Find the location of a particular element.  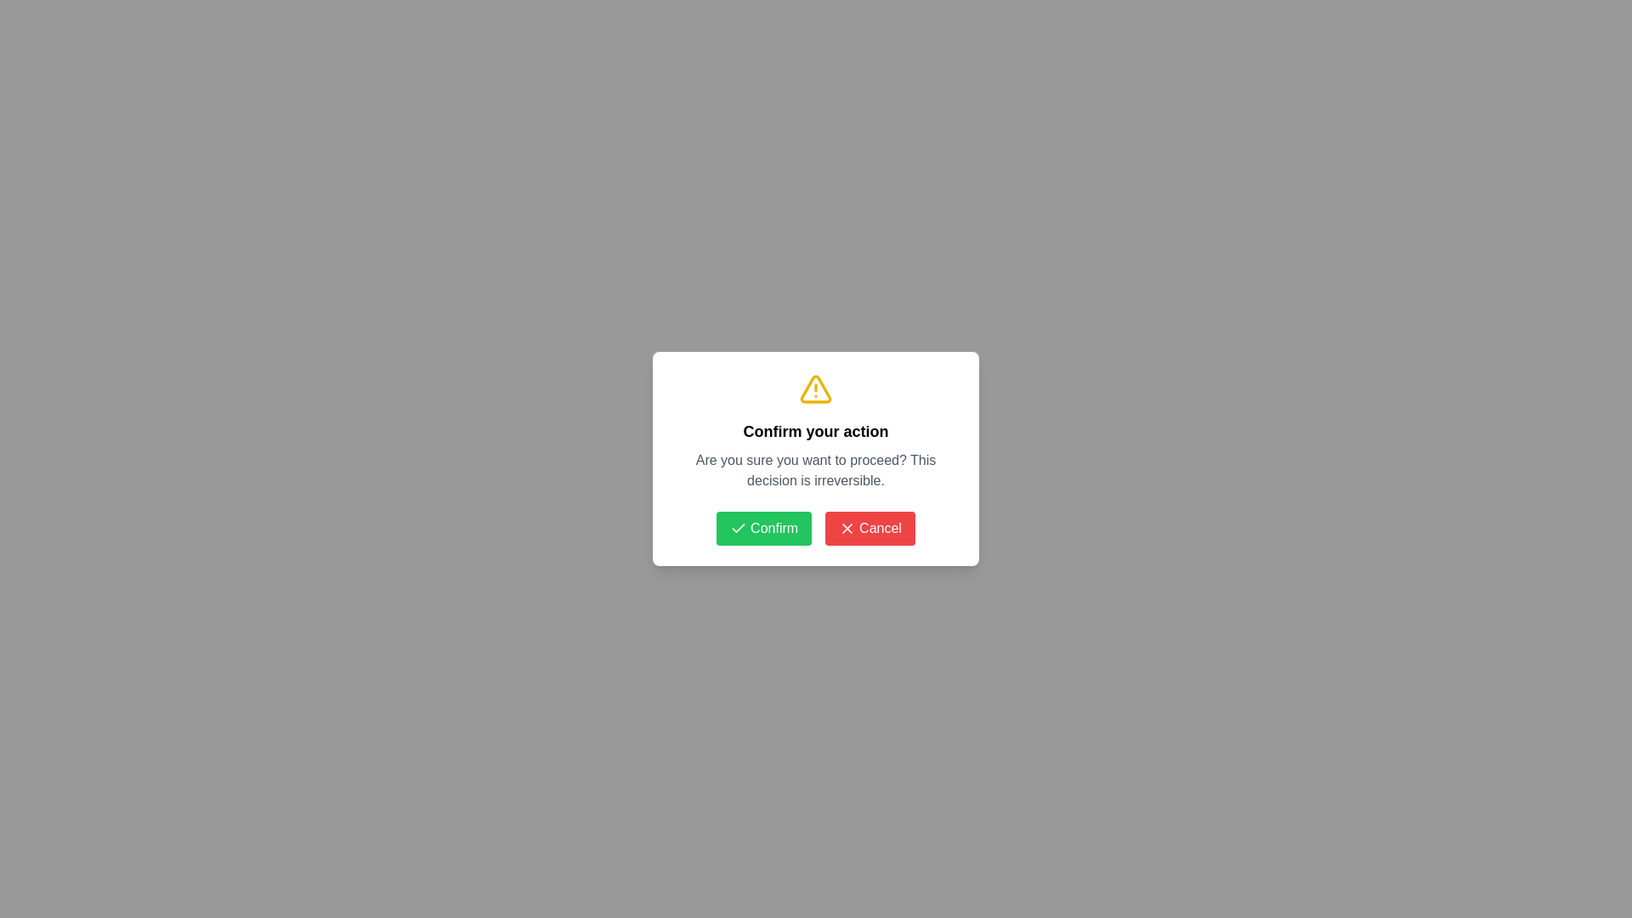

the confirmation icon located within the green 'Confirm' button to approve the action is located at coordinates (738, 527).